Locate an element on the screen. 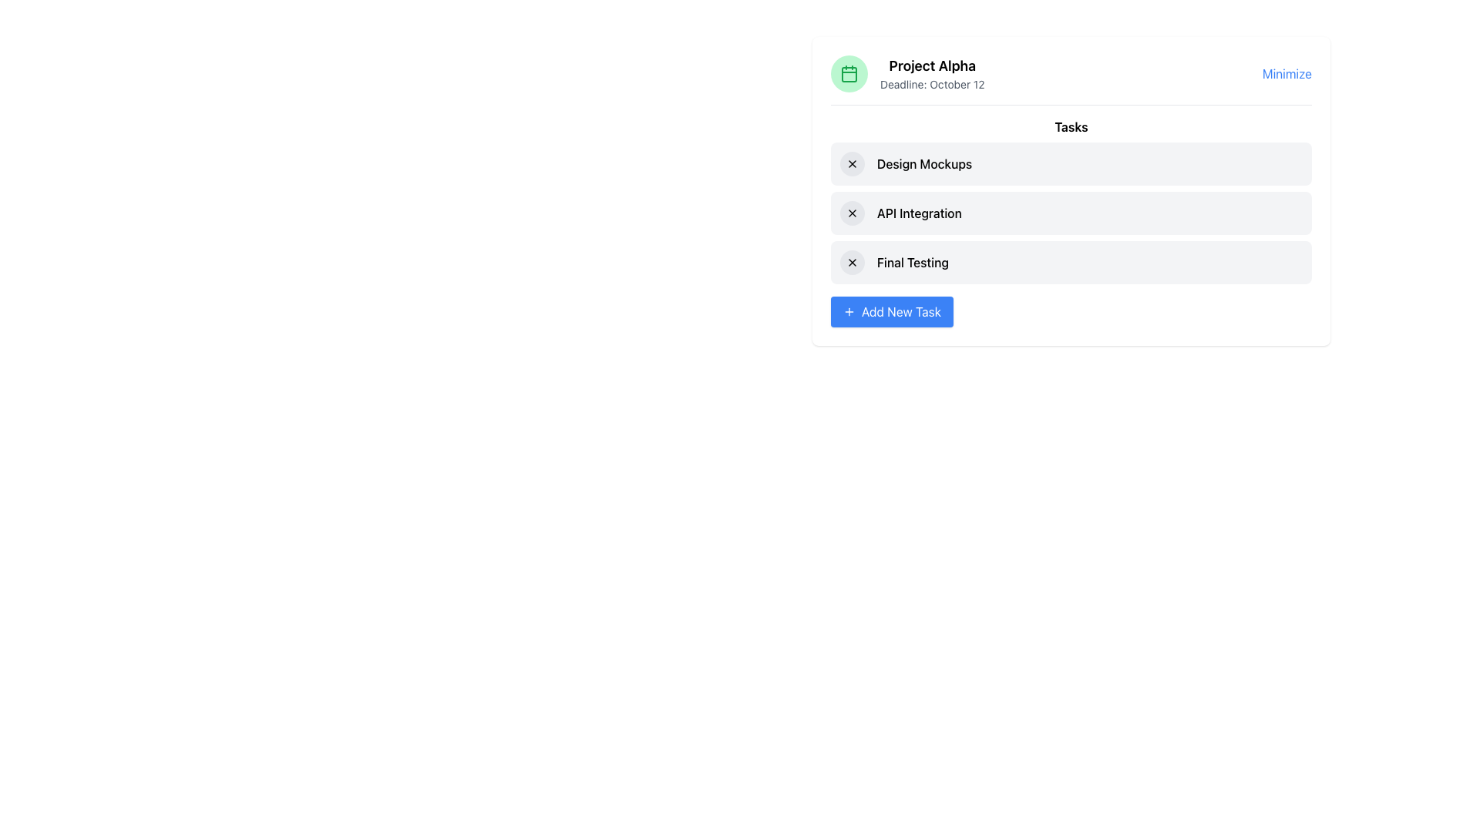 The image size is (1480, 832). the minimize button located at the top-right corner of the 'Project Alpha' panel is located at coordinates (1287, 74).